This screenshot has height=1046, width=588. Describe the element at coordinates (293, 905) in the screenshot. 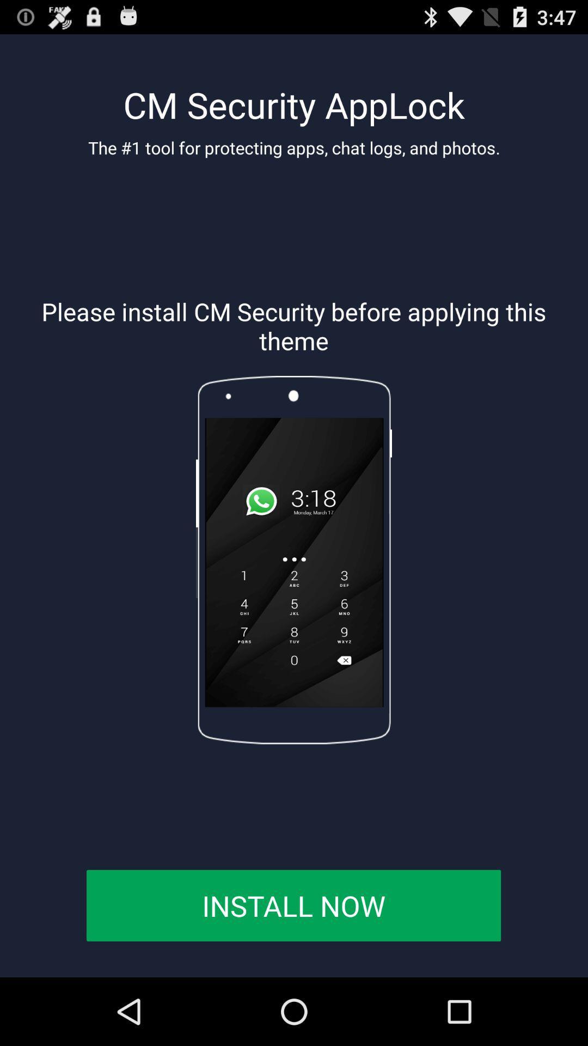

I see `install now` at that location.